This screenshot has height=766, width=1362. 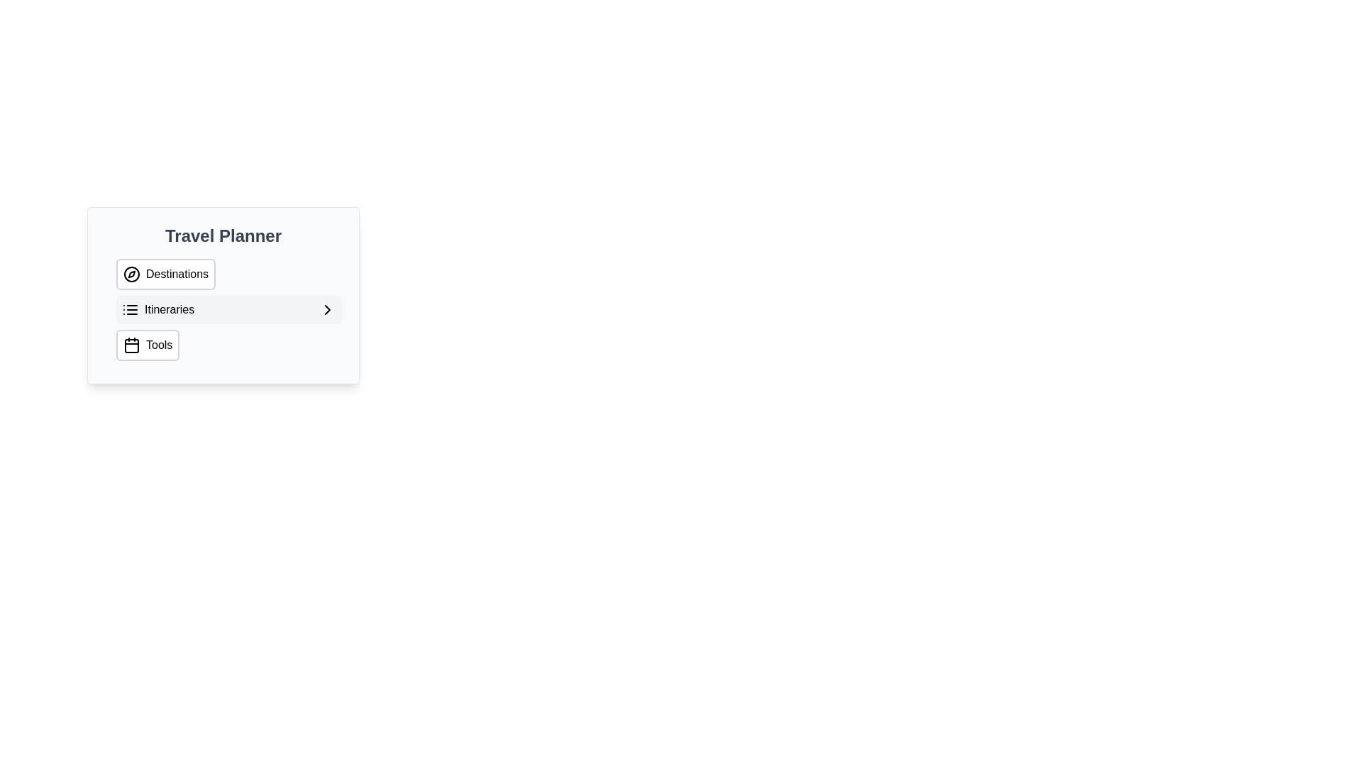 I want to click on the calendar icon representing the 'Tools' feature located to the left of the text label 'Tools' within the 'Travel Planner' section, so click(x=132, y=345).